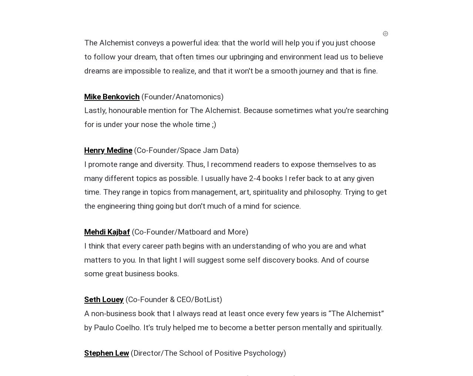  Describe the element at coordinates (107, 78) in the screenshot. I see `'Mehdi Kajbaf'` at that location.